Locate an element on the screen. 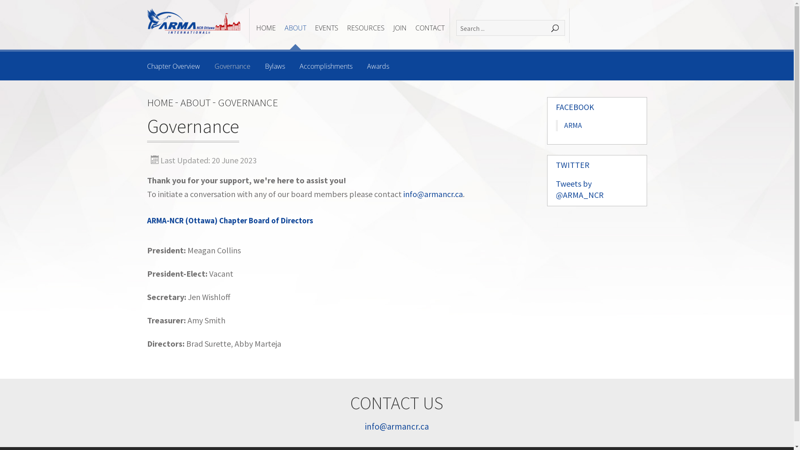 The image size is (800, 450). 'info@armancr.ca' is located at coordinates (396, 426).